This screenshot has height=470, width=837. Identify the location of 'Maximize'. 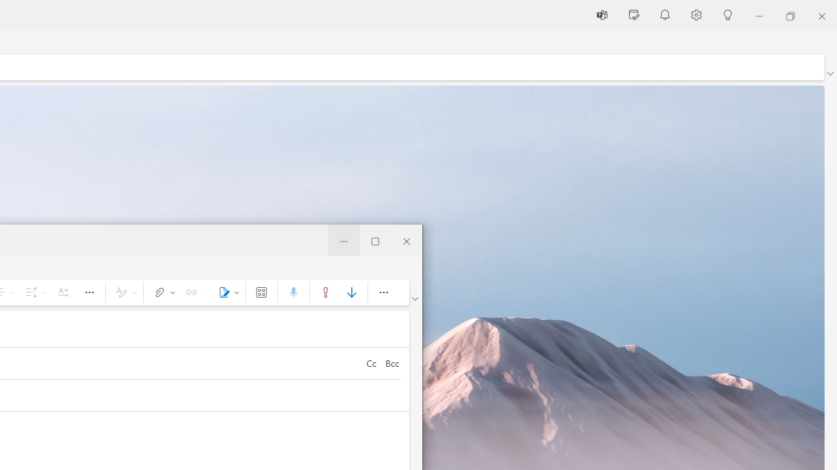
(375, 240).